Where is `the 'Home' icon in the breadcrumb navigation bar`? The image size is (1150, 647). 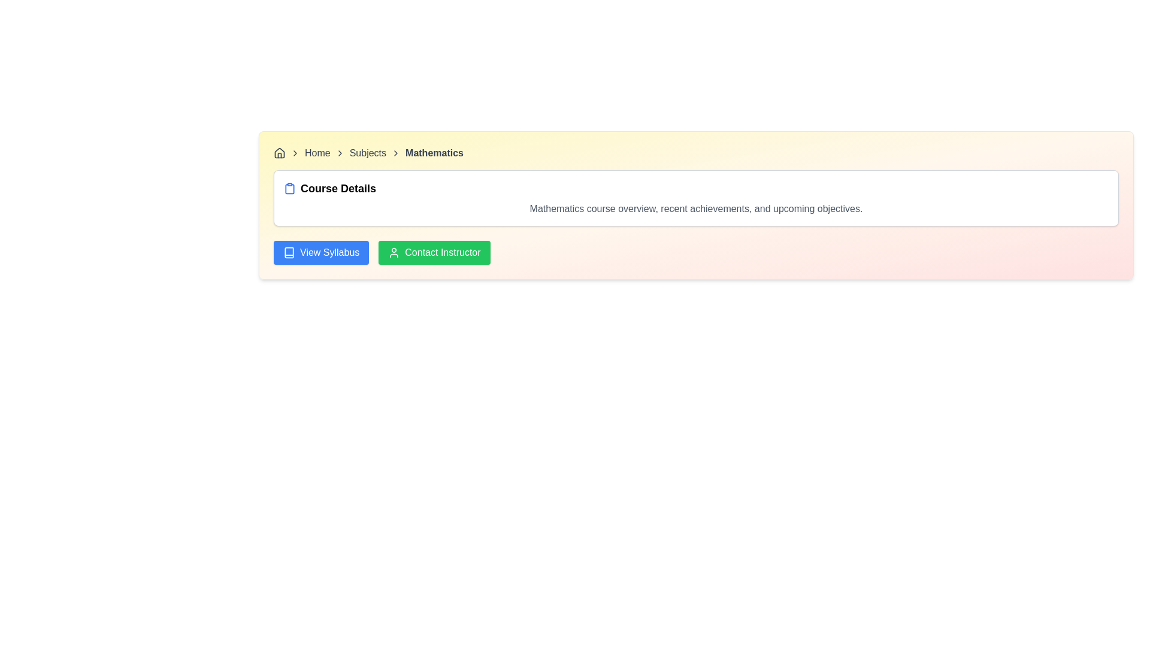
the 'Home' icon in the breadcrumb navigation bar is located at coordinates (279, 152).